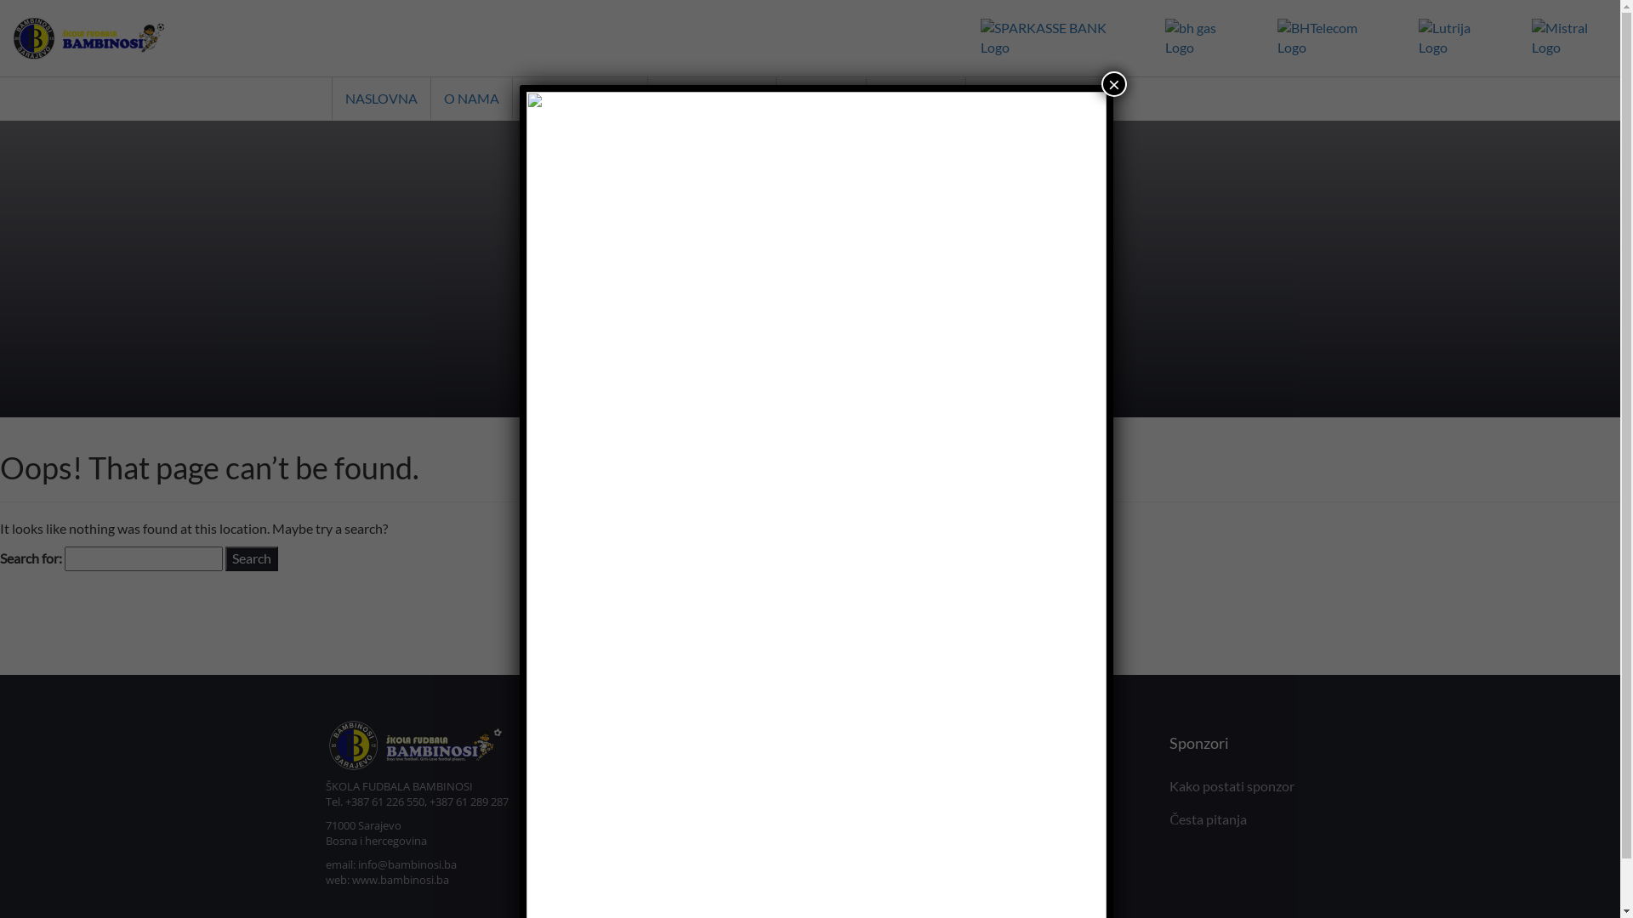 The width and height of the screenshot is (1633, 918). Describe the element at coordinates (982, 785) in the screenshot. I see `'Selekcije'` at that location.